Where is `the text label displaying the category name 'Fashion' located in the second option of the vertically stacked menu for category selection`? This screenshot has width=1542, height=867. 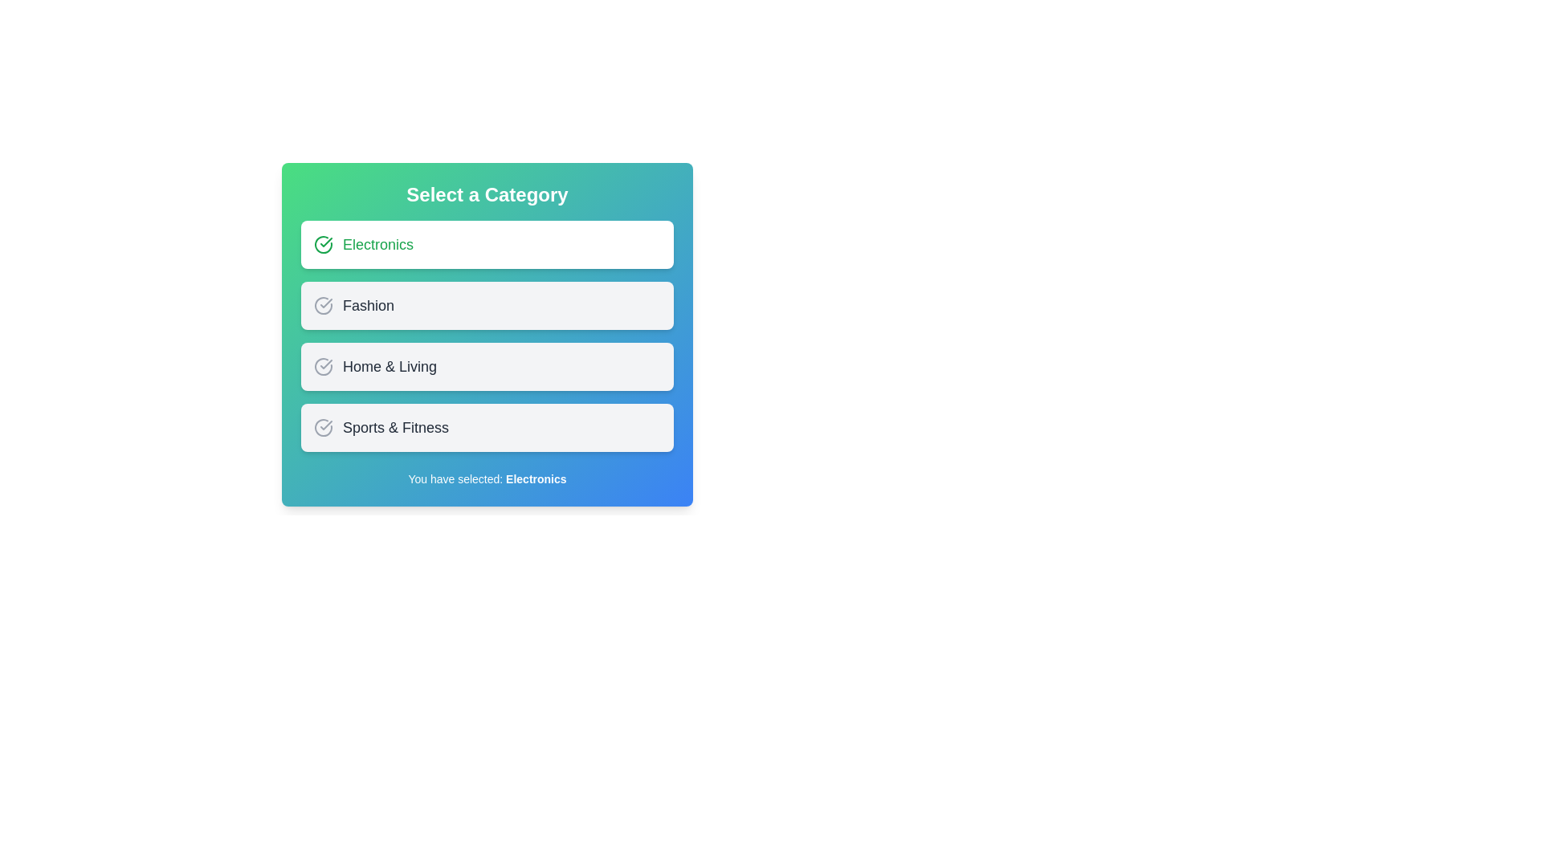 the text label displaying the category name 'Fashion' located in the second option of the vertically stacked menu for category selection is located at coordinates (368, 306).